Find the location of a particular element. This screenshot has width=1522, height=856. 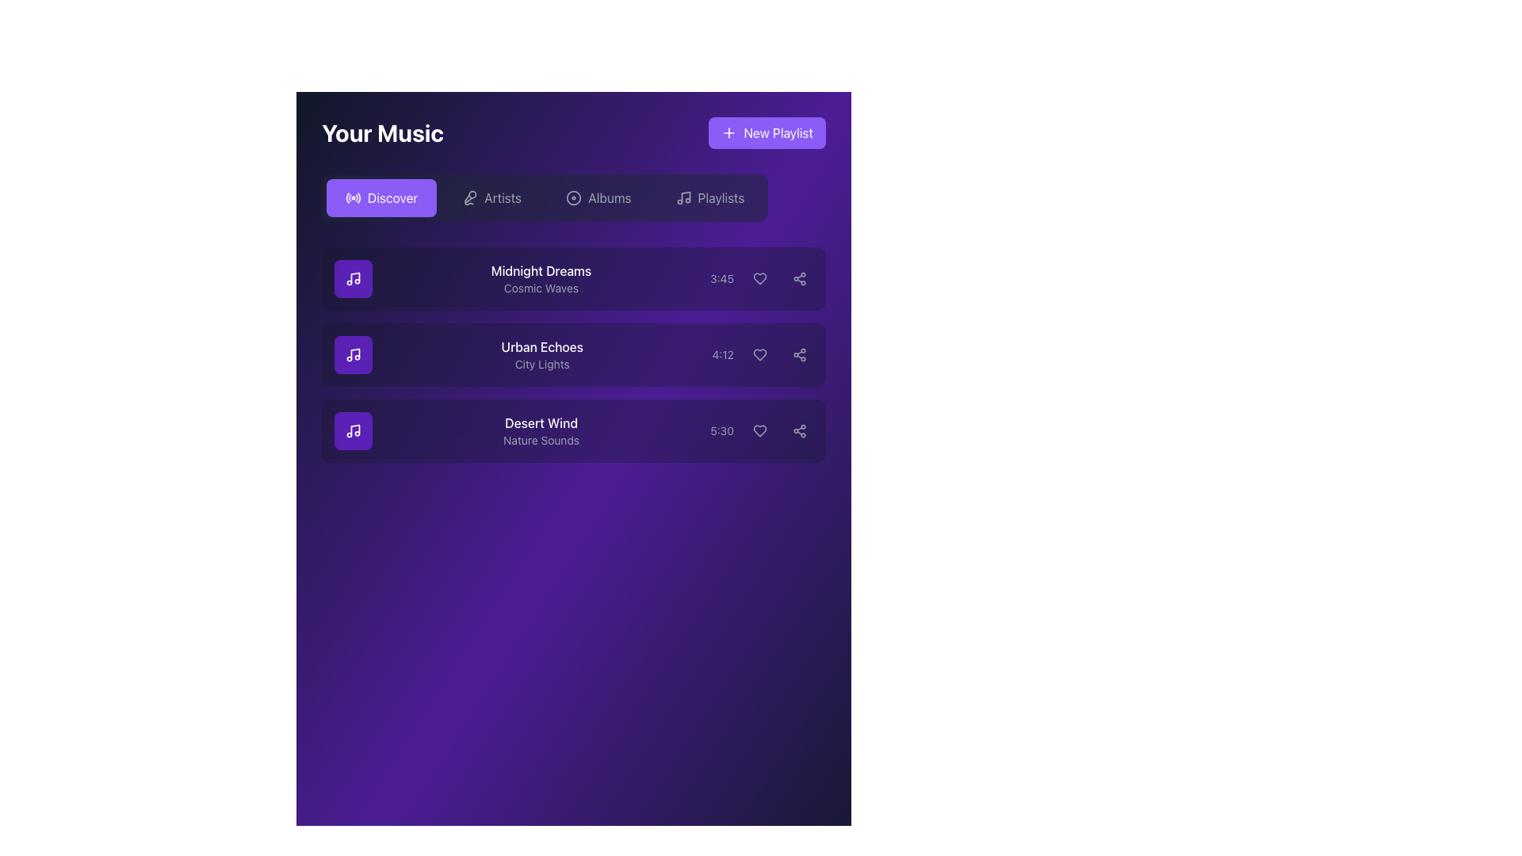

the square-shaped icon with rounded corners and a purple background containing a white music note, which is positioned to the left of the text 'Midnight Dreams Cosmic Waves' is located at coordinates (353, 277).